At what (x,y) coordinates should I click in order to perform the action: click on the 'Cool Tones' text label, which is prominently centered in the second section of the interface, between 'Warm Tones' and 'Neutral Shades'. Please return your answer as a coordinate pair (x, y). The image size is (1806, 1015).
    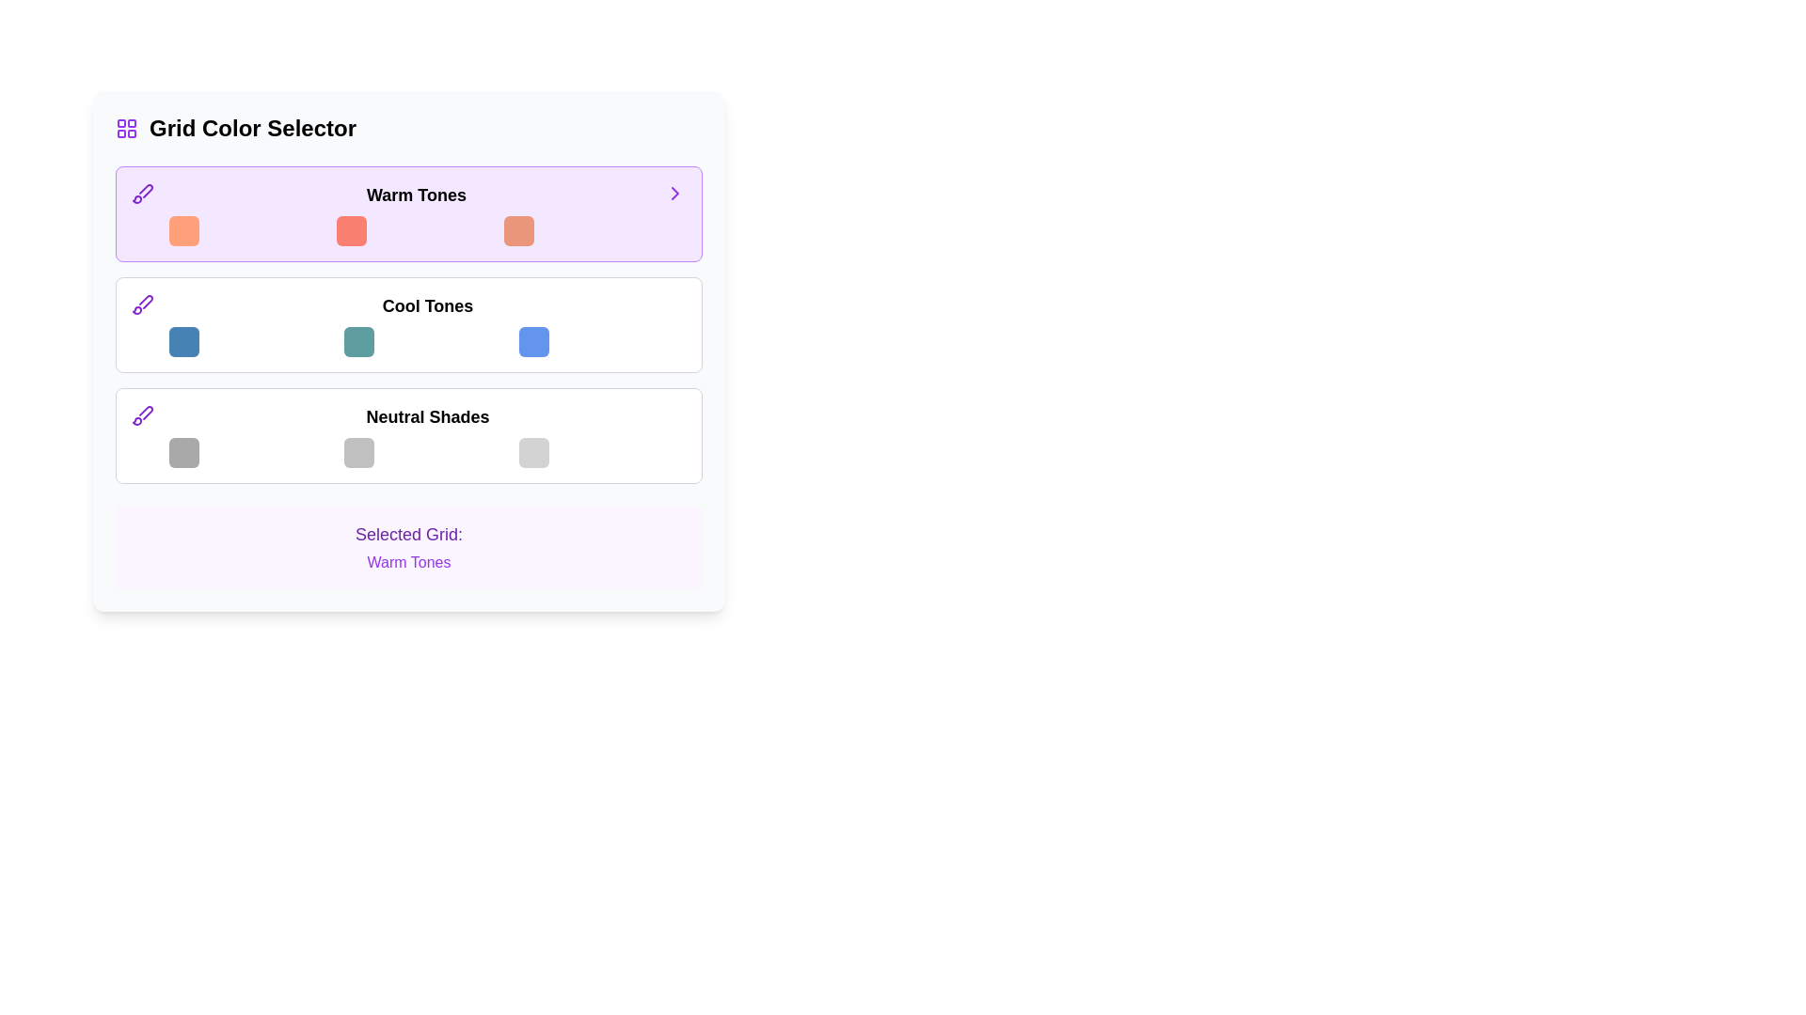
    Looking at the image, I should click on (427, 305).